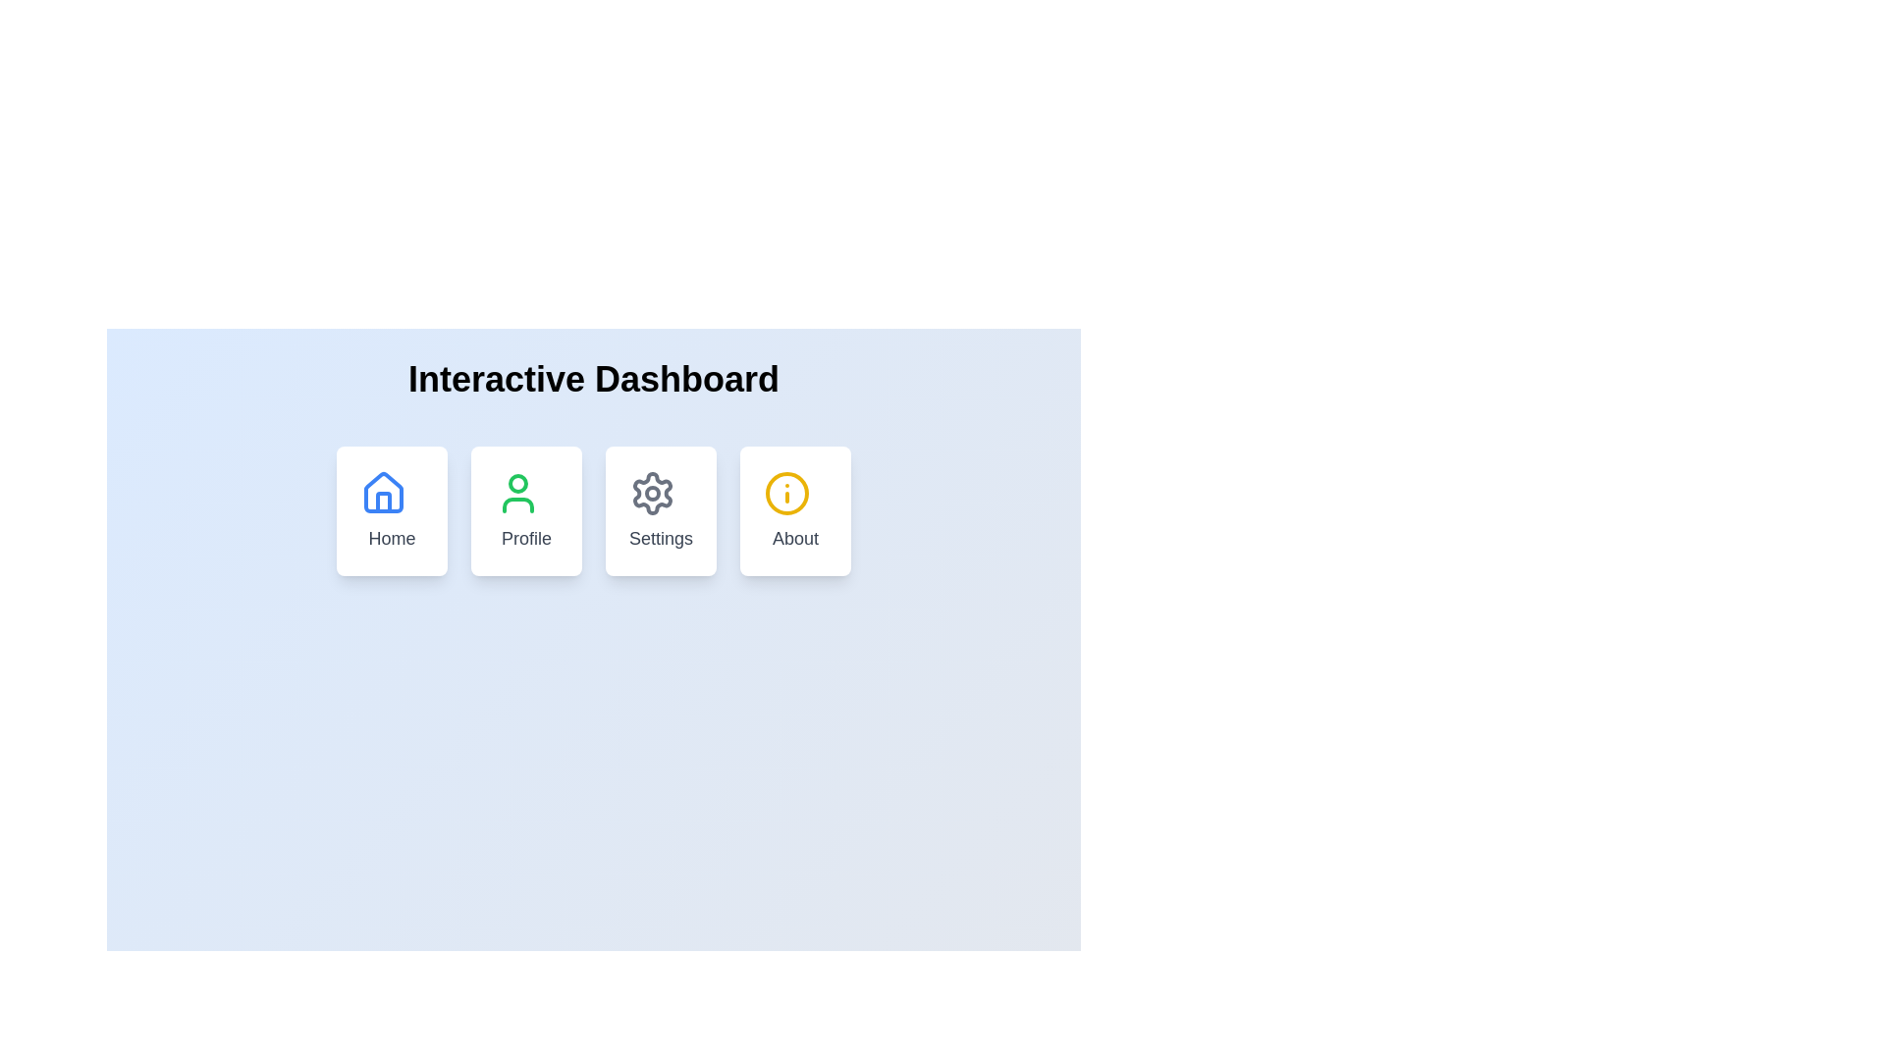 Image resolution: width=1885 pixels, height=1060 pixels. Describe the element at coordinates (526, 538) in the screenshot. I see `the 'Profile' text label, which is displayed in gray with a medium-sized bold font, located in the bottom-center section of the second card from the left` at that location.